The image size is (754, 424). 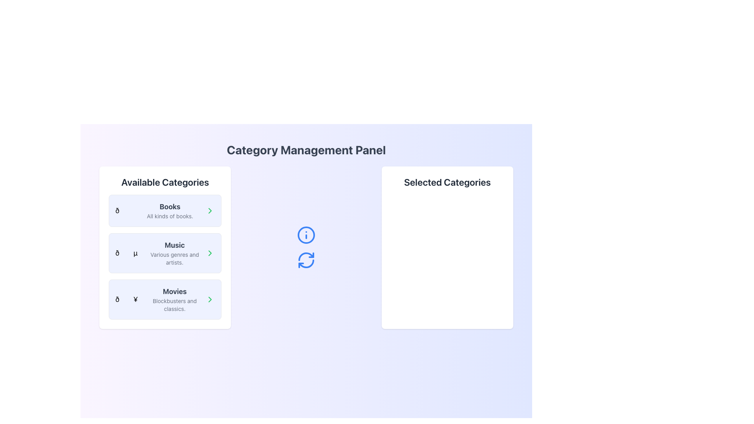 I want to click on the blue circular icon with an 'i' character in the center, which is the first of two vertically stacked icons below the 'Category Management Panel', so click(x=306, y=234).